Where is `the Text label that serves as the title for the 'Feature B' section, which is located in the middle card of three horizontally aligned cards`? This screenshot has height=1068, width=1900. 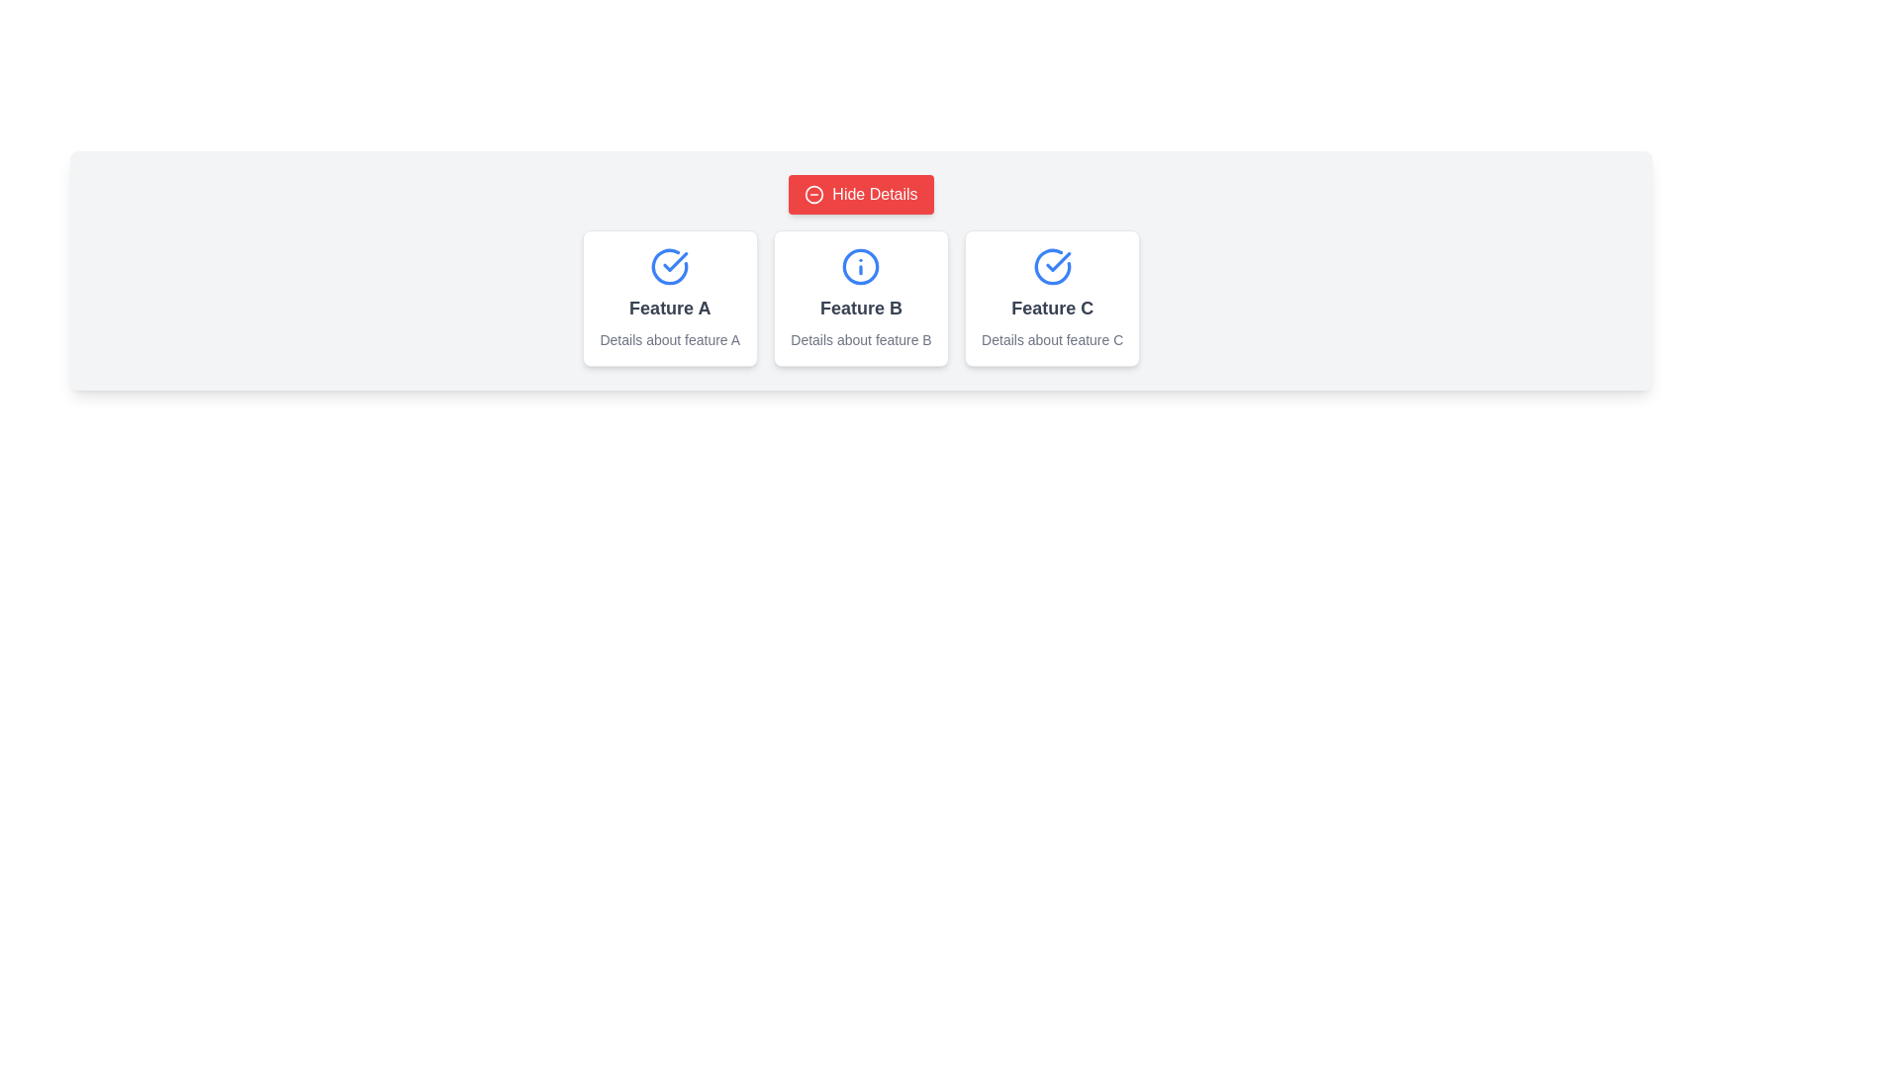 the Text label that serves as the title for the 'Feature B' section, which is located in the middle card of three horizontally aligned cards is located at coordinates (861, 309).